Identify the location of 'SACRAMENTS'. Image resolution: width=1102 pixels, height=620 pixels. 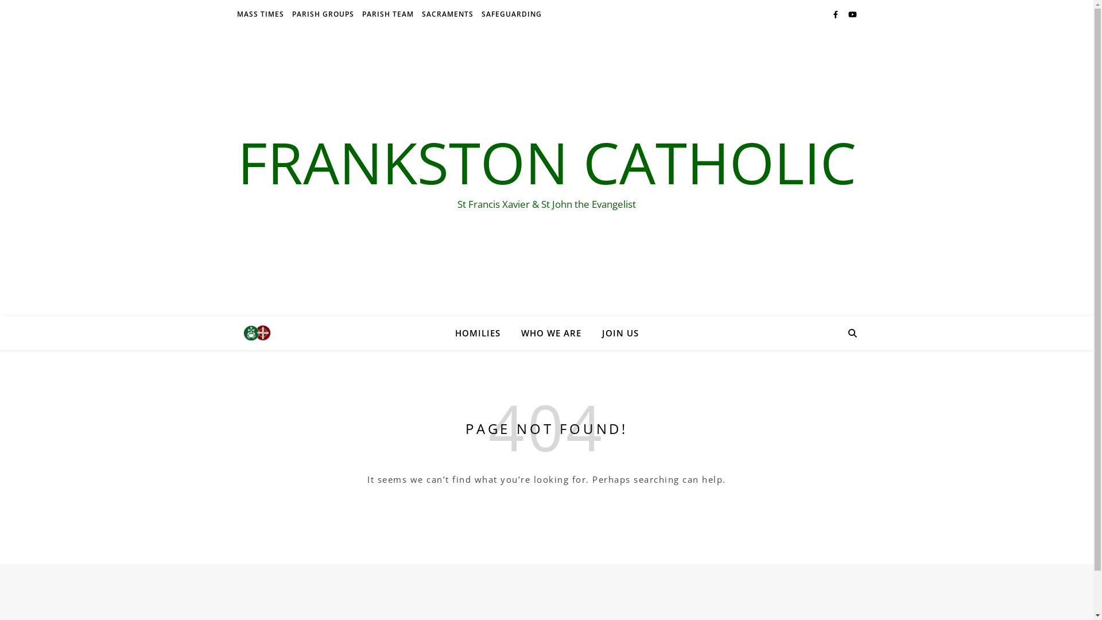
(447, 14).